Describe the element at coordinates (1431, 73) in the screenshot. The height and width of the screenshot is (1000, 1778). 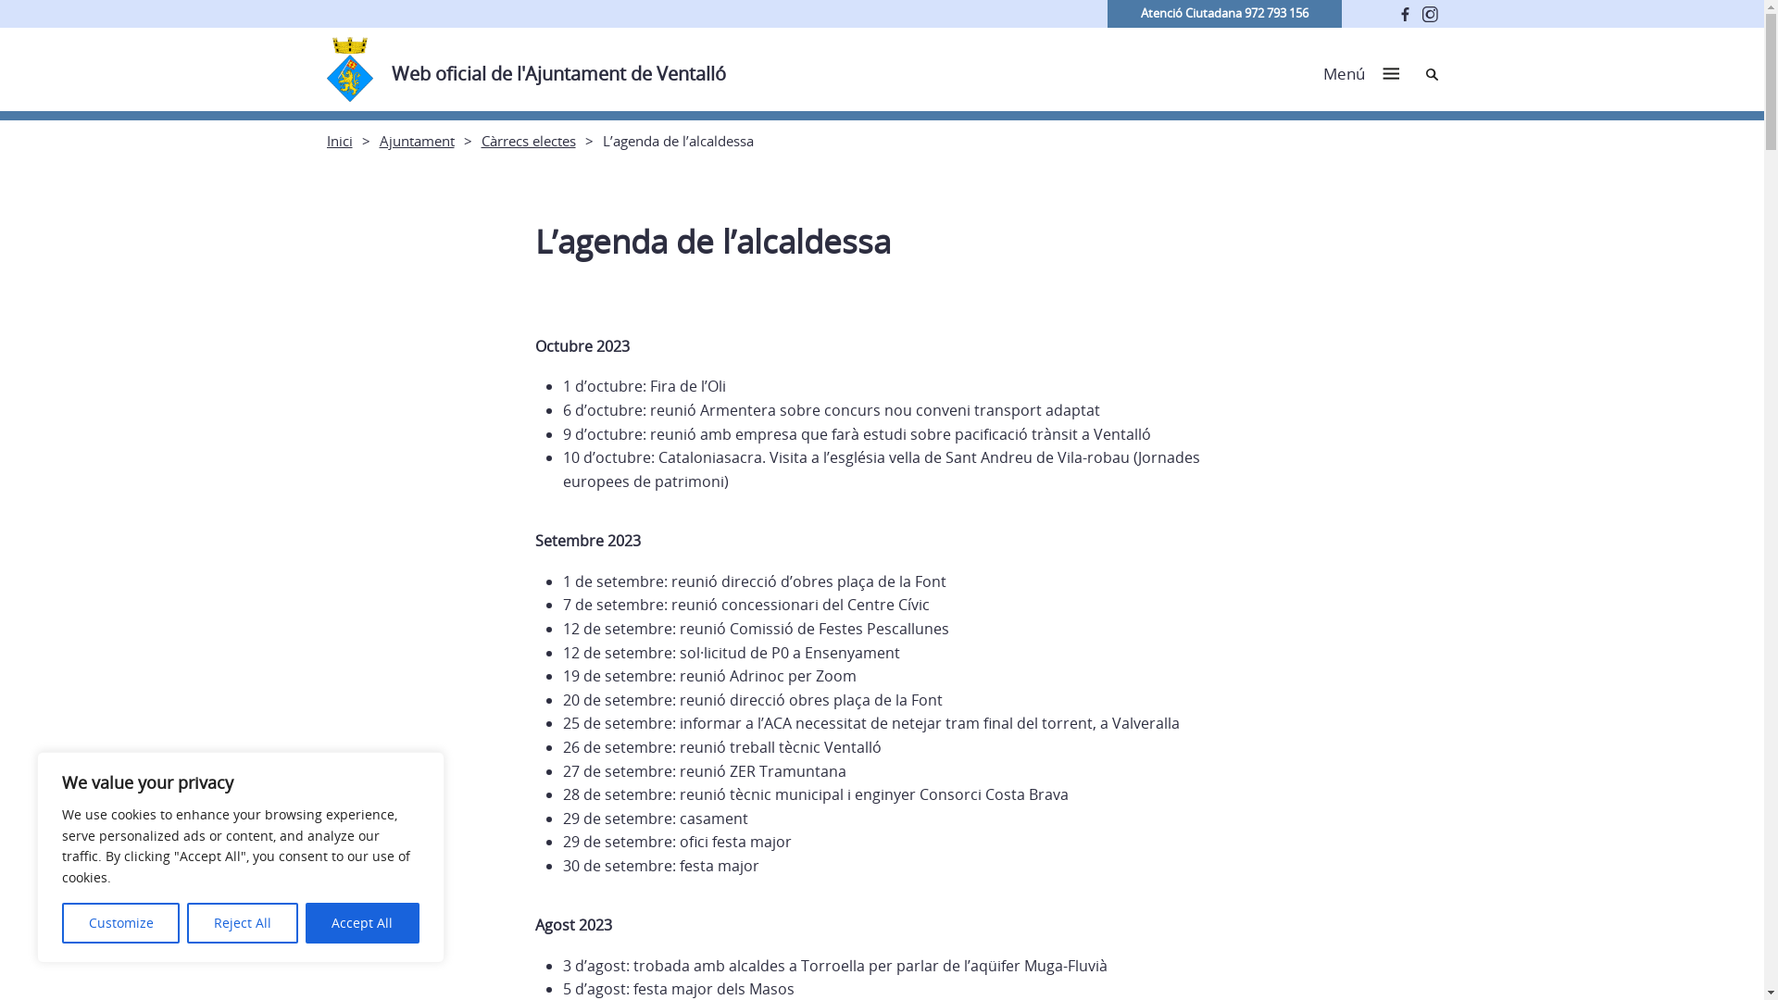
I see `'Cerca'` at that location.